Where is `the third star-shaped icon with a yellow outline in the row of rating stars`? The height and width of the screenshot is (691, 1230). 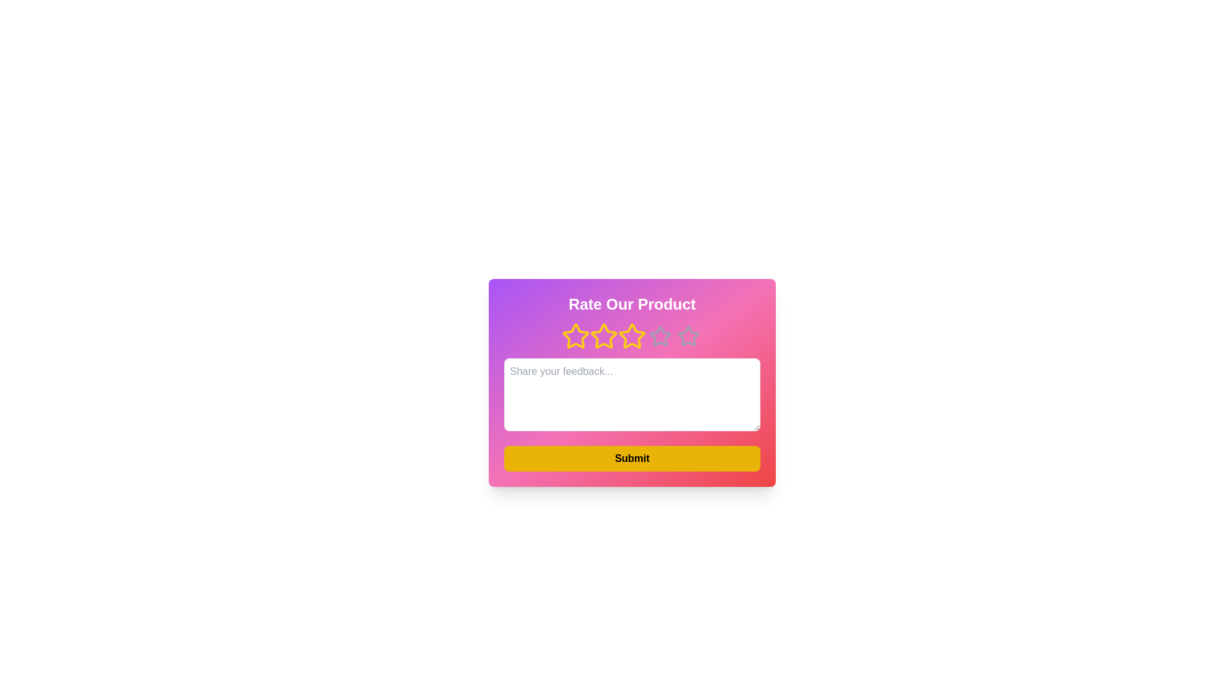 the third star-shaped icon with a yellow outline in the row of rating stars is located at coordinates (602, 335).